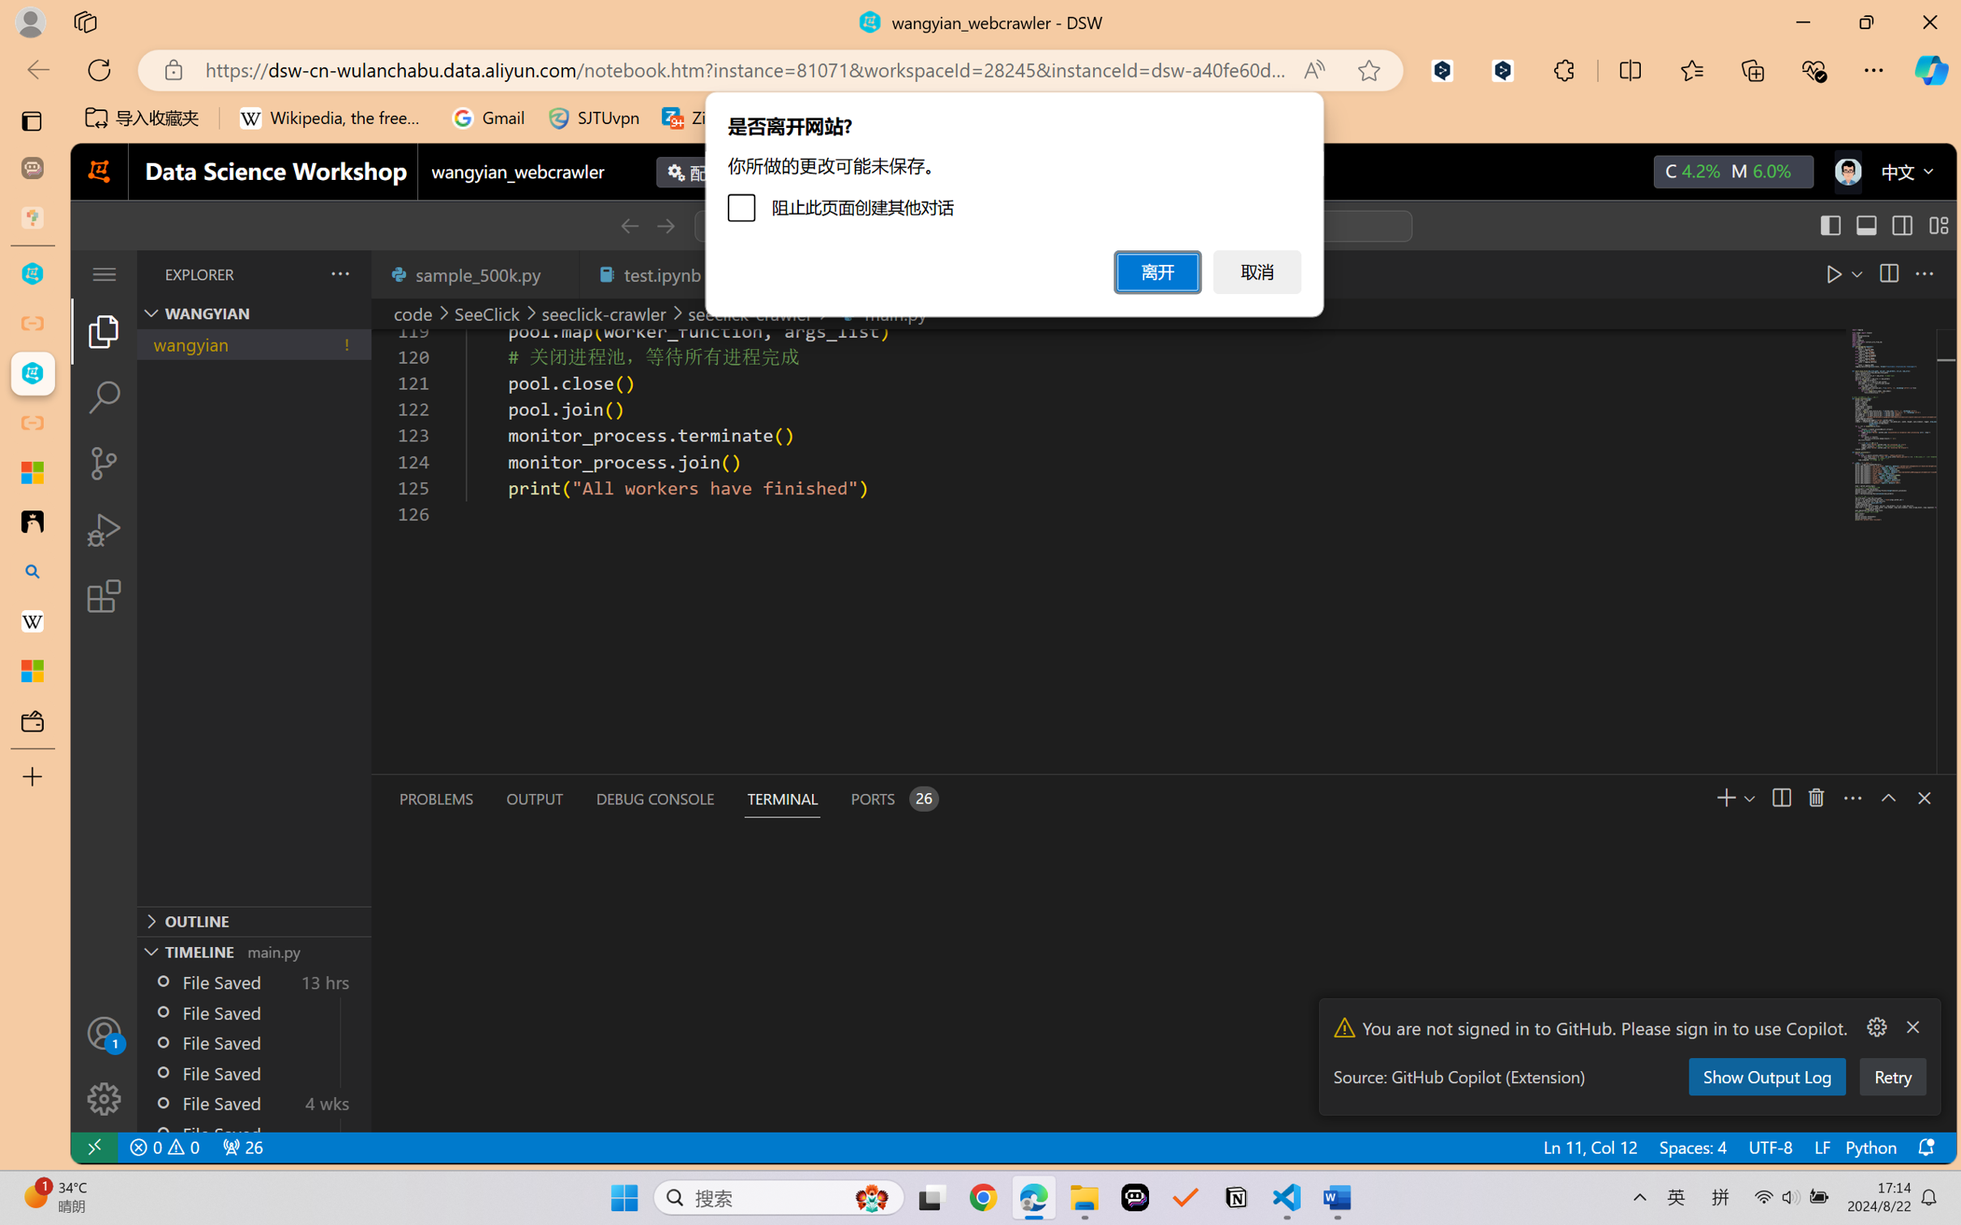  Describe the element at coordinates (1924, 797) in the screenshot. I see `'Close Panel'` at that location.